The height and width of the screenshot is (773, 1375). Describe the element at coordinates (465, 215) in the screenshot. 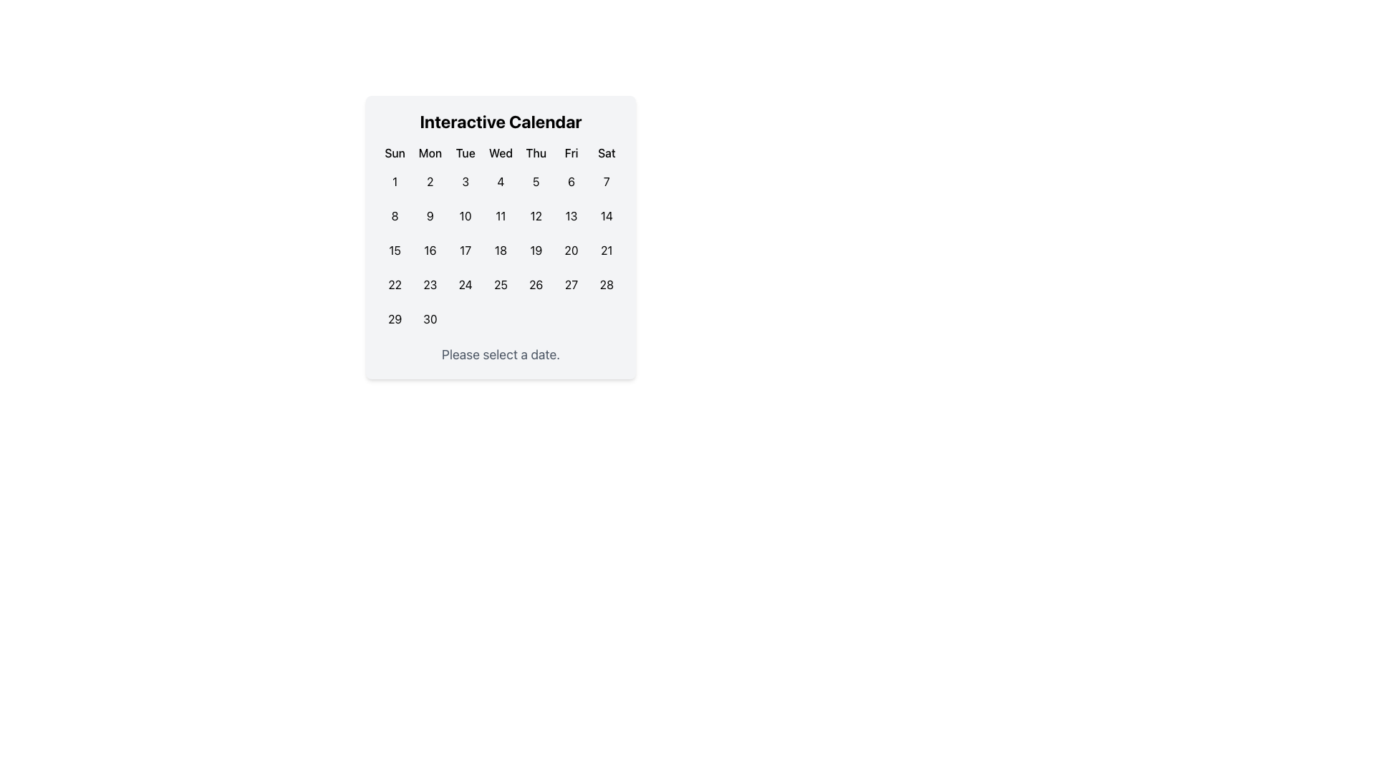

I see `the calendar date button representing '10' located in the second row and third column of the calendar grid` at that location.